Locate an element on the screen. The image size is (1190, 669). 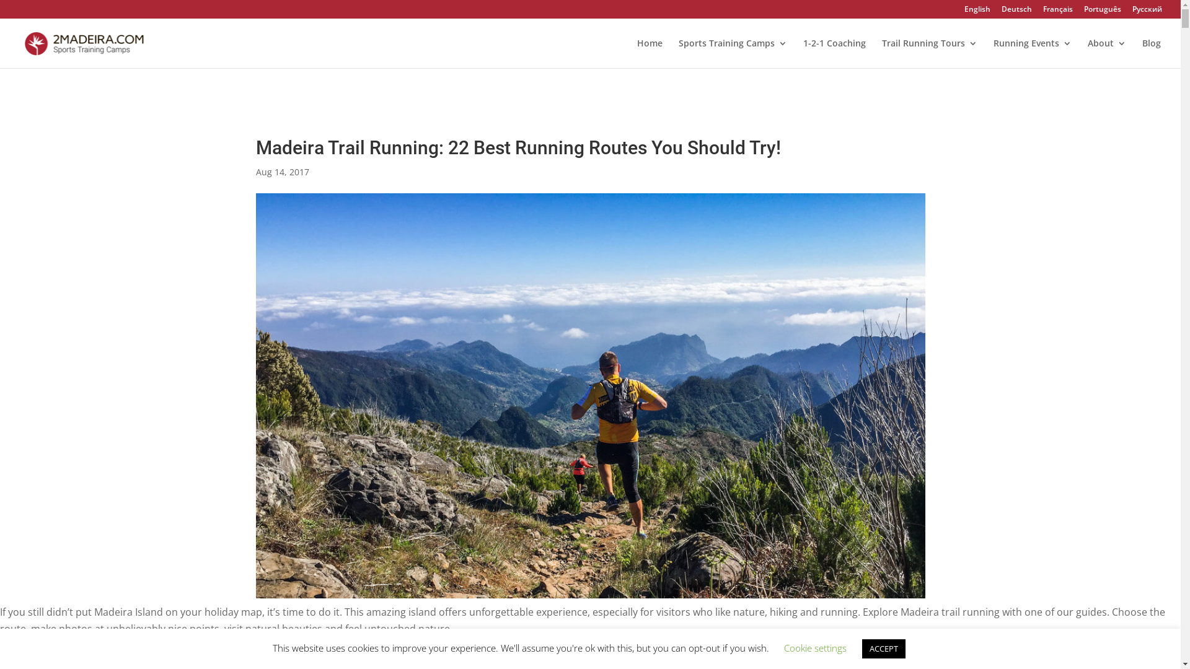
'Blog' is located at coordinates (1150, 53).